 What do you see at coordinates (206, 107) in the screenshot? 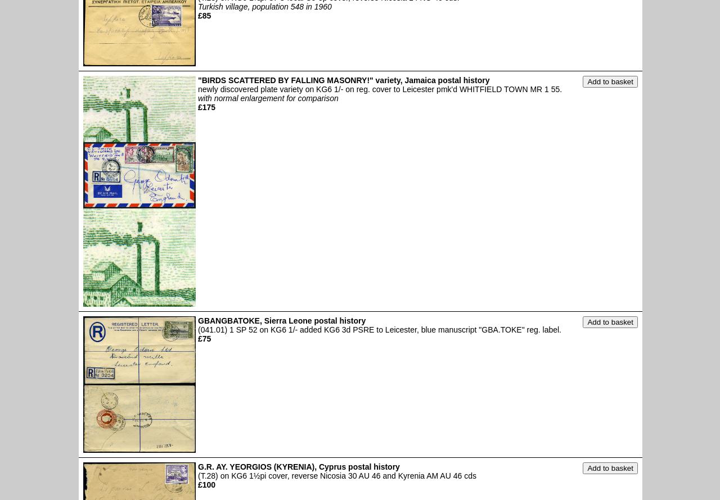
I see `'£175'` at bounding box center [206, 107].